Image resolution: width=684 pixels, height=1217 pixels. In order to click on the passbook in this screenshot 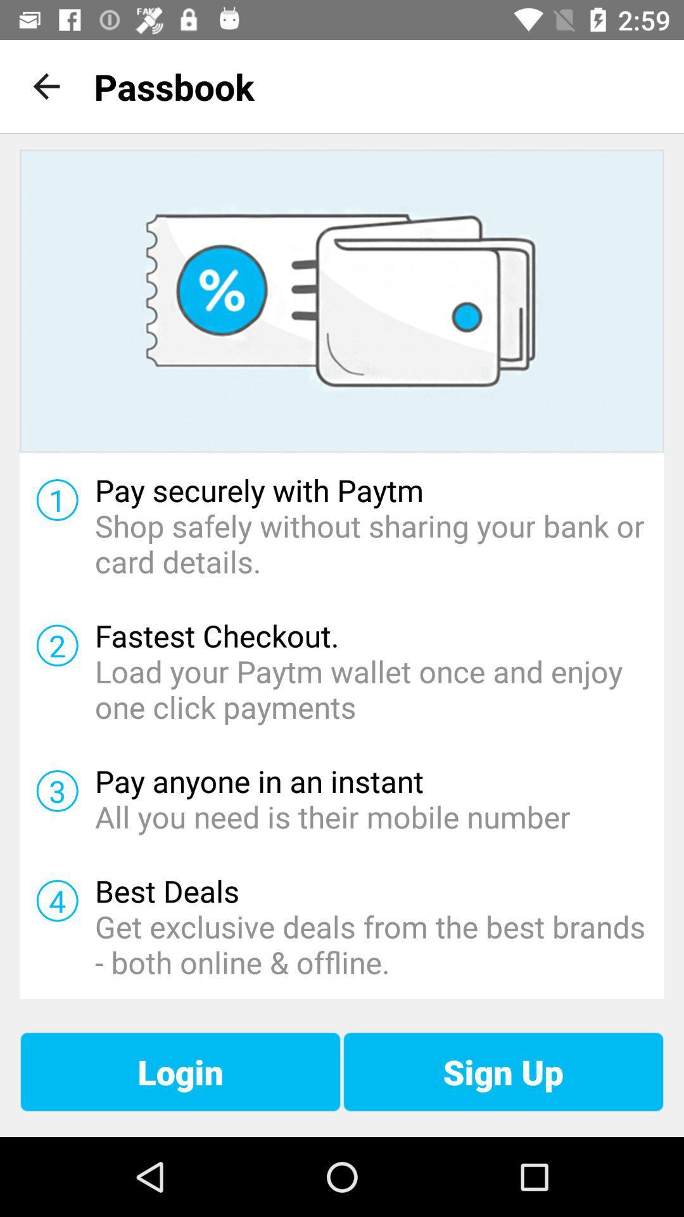, I will do `click(174, 86)`.